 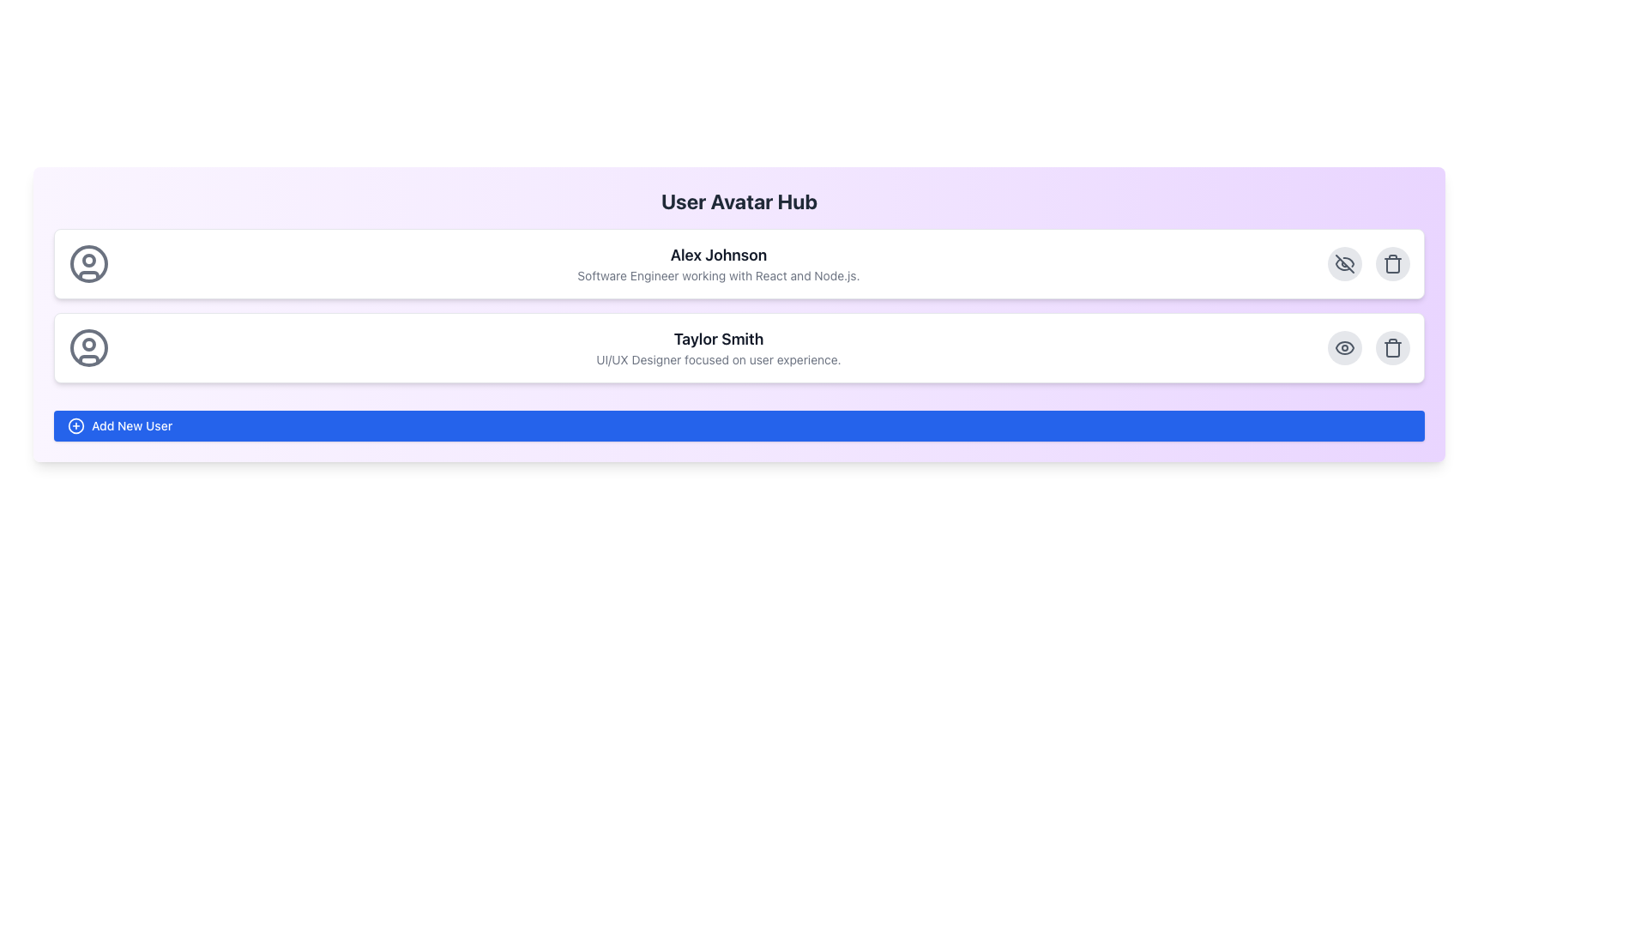 I want to click on the text block containing the name 'Alex Johnson' and the description 'Software Engineer working with React and Node.js.' in the profile card located in the top section of the interface, so click(x=719, y=264).